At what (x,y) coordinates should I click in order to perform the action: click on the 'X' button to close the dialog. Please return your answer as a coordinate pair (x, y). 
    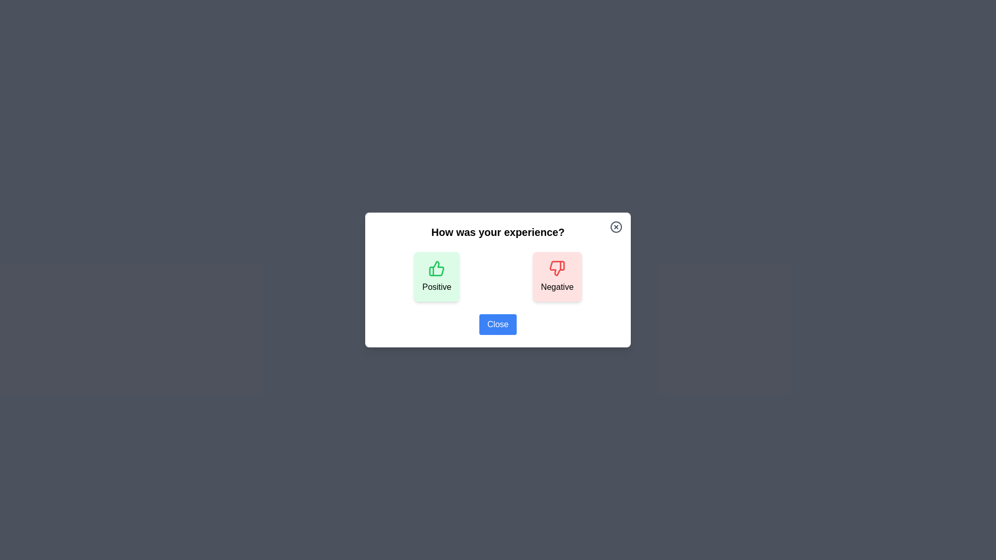
    Looking at the image, I should click on (616, 227).